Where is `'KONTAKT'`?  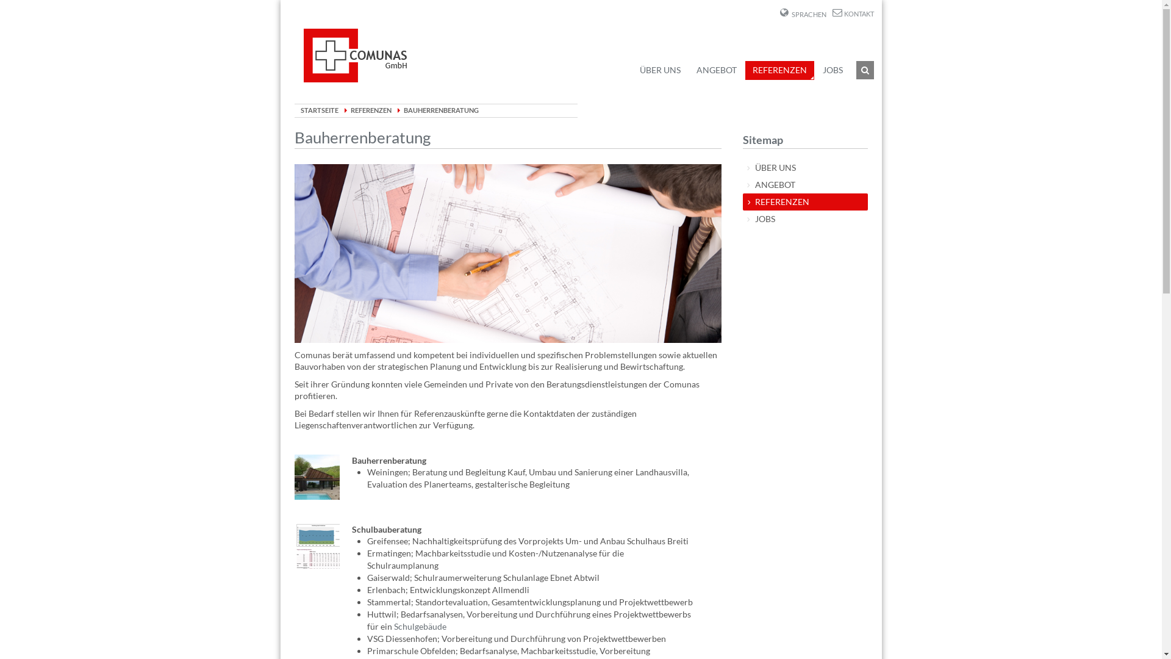 'KONTAKT' is located at coordinates (831, 13).